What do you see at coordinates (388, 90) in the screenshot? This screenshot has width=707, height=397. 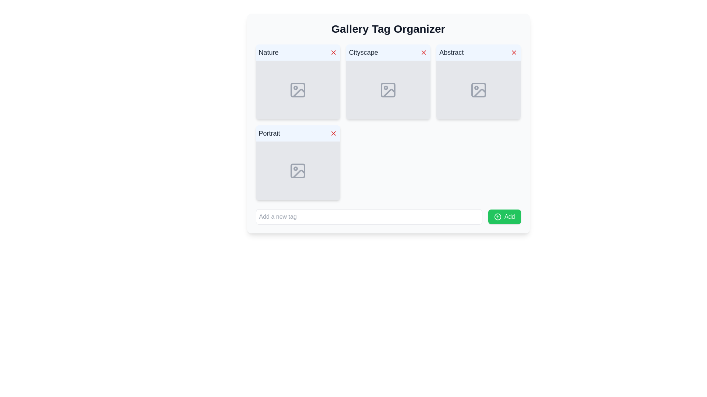 I see `the square icon of an image outline, which is centrally located in the 'Cityscape' card and appears as a grey sketch with rounded corners` at bounding box center [388, 90].